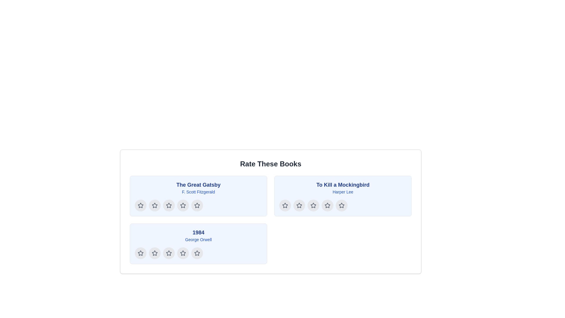 The height and width of the screenshot is (318, 565). What do you see at coordinates (342, 205) in the screenshot?
I see `the fifth star rating icon to rate the book 'To Kill a Mockingbird'` at bounding box center [342, 205].